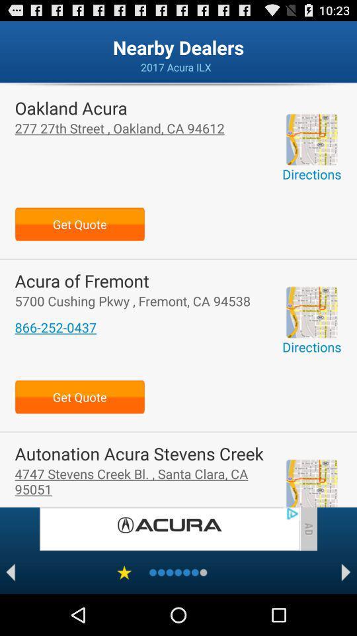 The height and width of the screenshot is (636, 357). I want to click on goto previous page, so click(10, 572).